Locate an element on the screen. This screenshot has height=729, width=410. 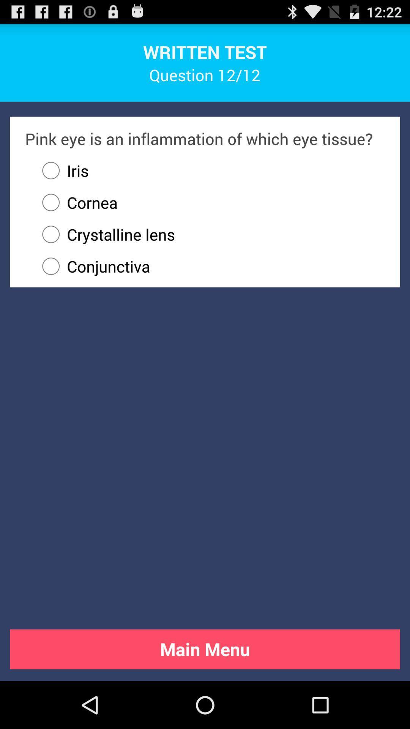
the iris icon is located at coordinates (61, 170).